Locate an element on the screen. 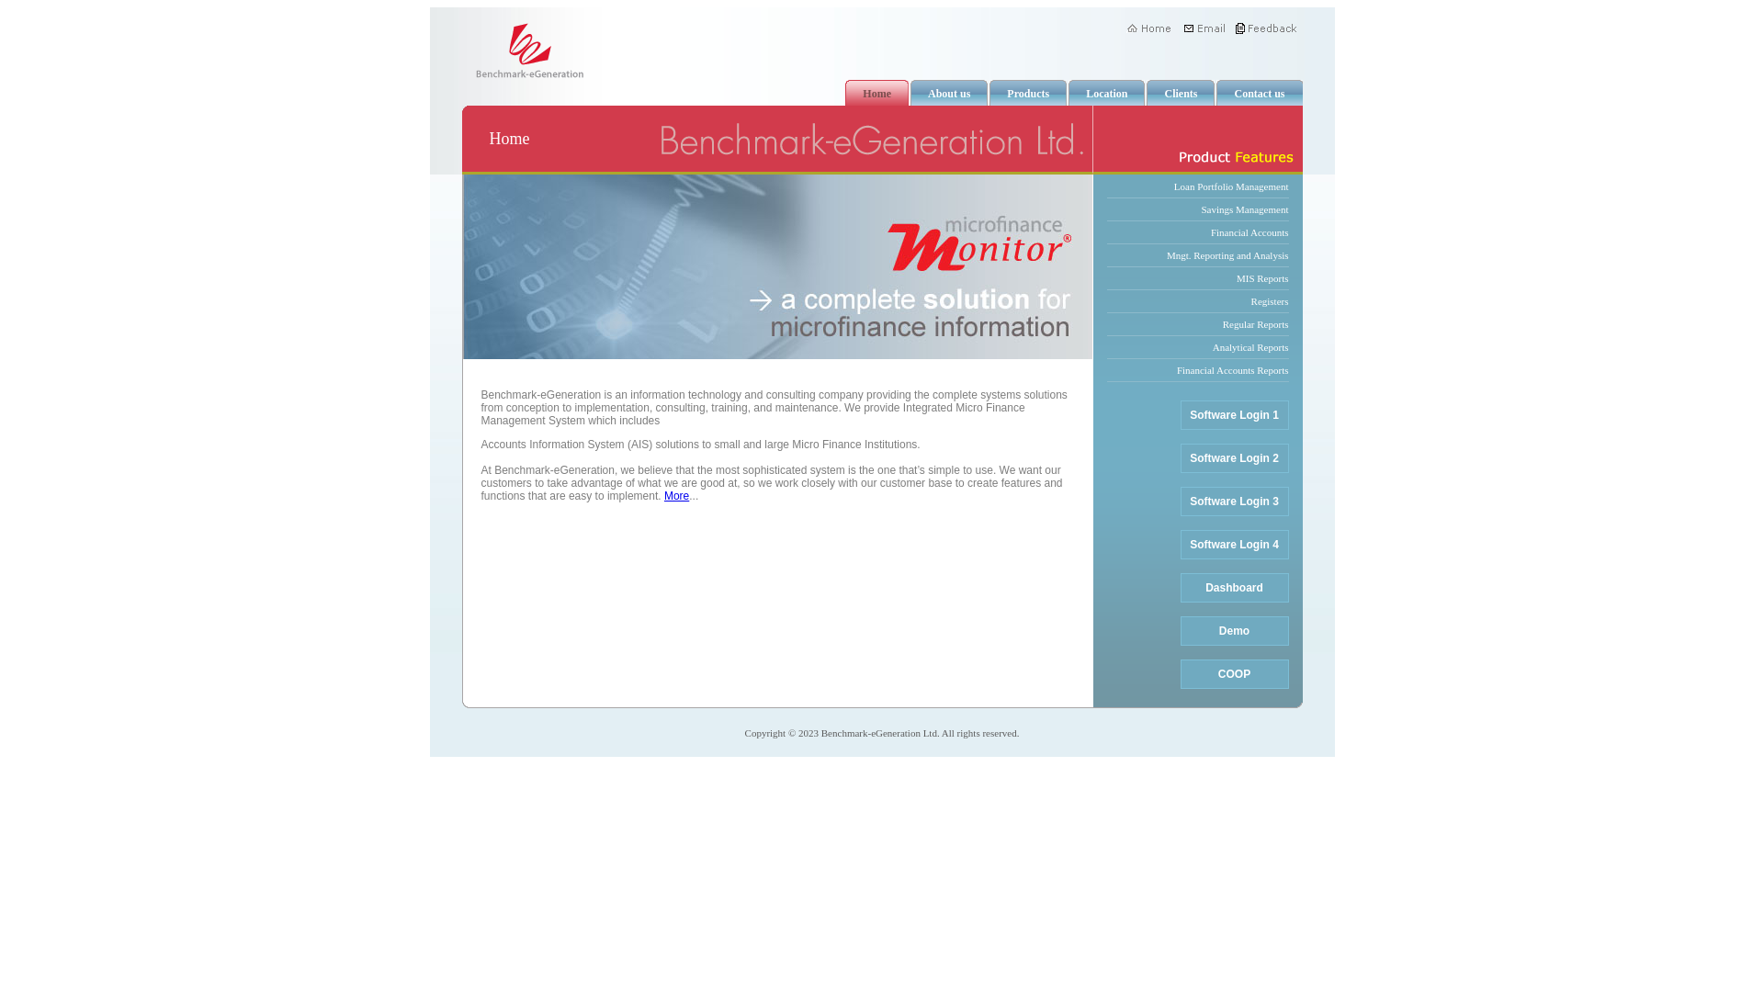  'Financial Accounts Reports' is located at coordinates (1196, 370).